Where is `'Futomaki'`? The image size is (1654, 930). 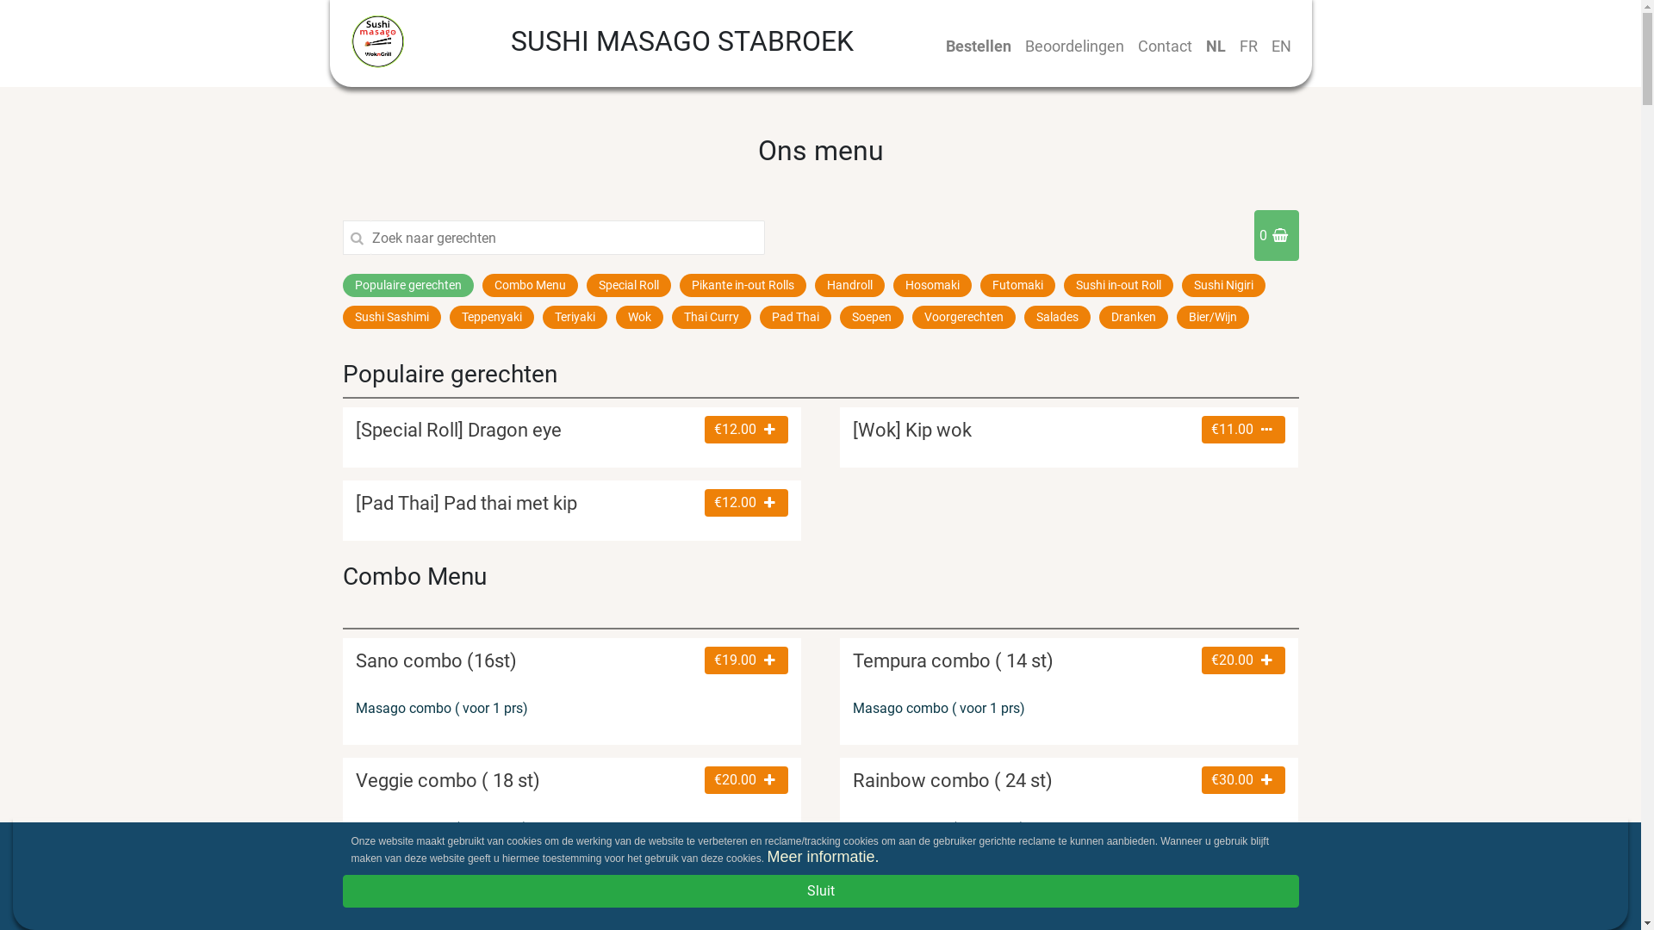 'Futomaki' is located at coordinates (979, 284).